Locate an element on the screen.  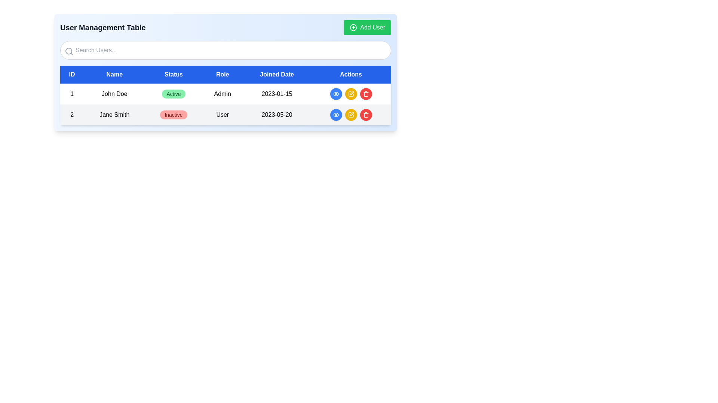
the circular SVG graphic element within the green 'Add User' button at the top-right corner of the interface is located at coordinates (353, 27).